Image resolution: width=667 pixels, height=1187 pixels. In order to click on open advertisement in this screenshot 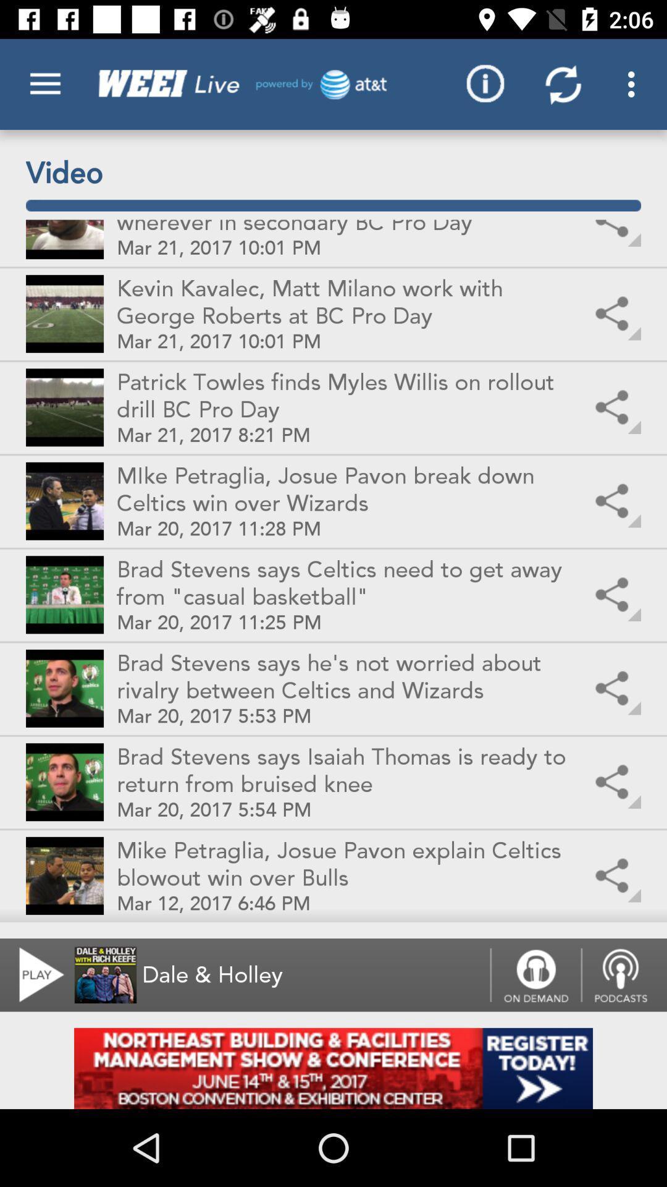, I will do `click(333, 1068)`.